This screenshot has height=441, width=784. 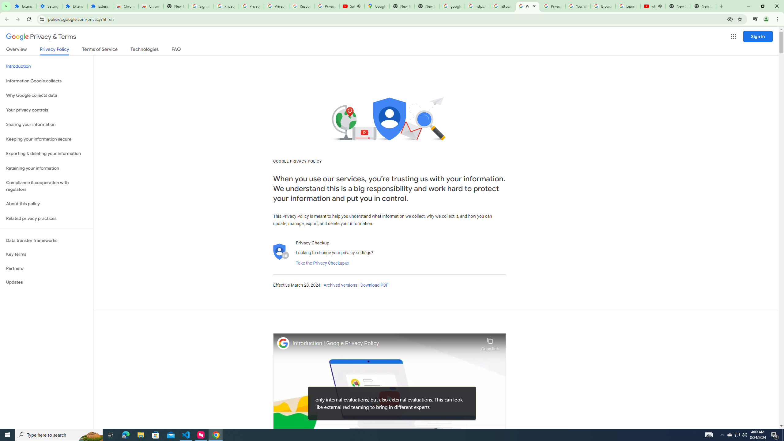 I want to click on 'Browse Chrome as a guest - Computer - Google Chrome Help', so click(x=603, y=6).